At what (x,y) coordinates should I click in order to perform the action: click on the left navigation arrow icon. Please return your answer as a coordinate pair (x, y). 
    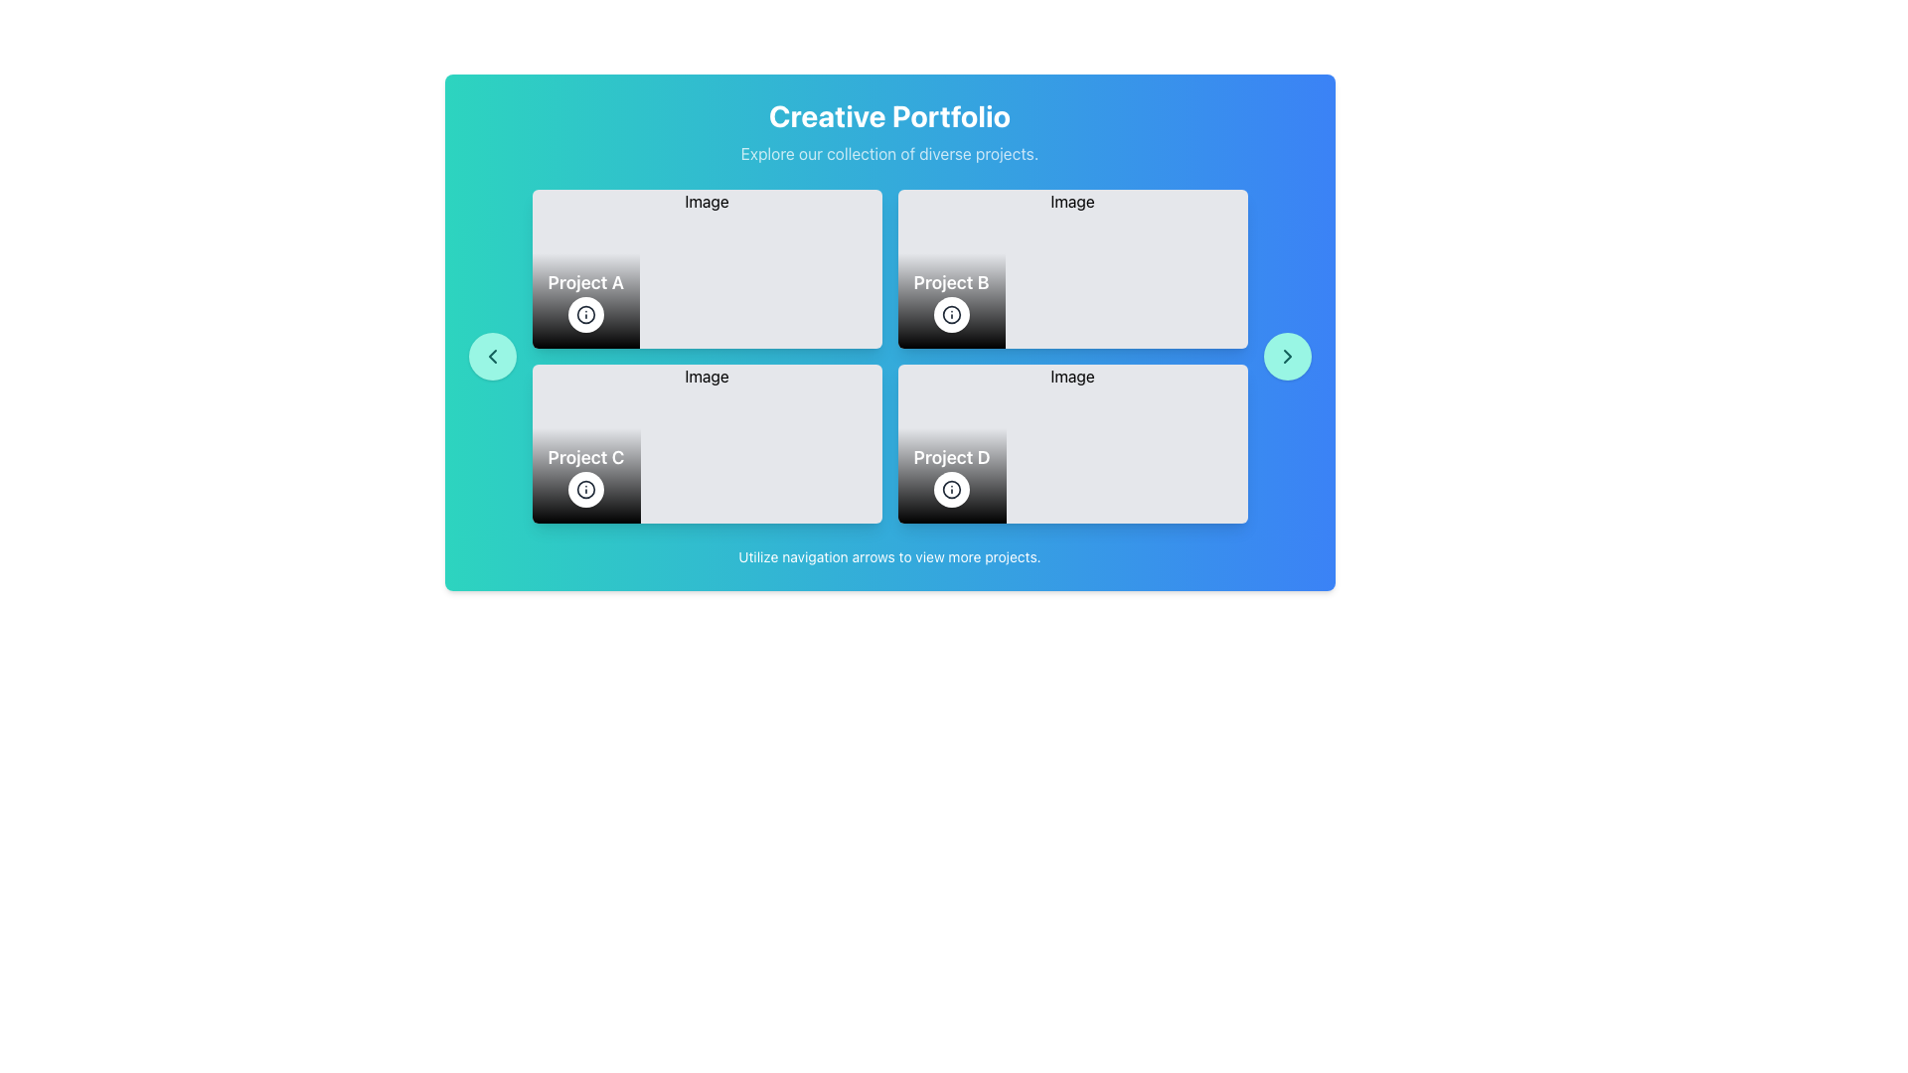
    Looking at the image, I should click on (492, 355).